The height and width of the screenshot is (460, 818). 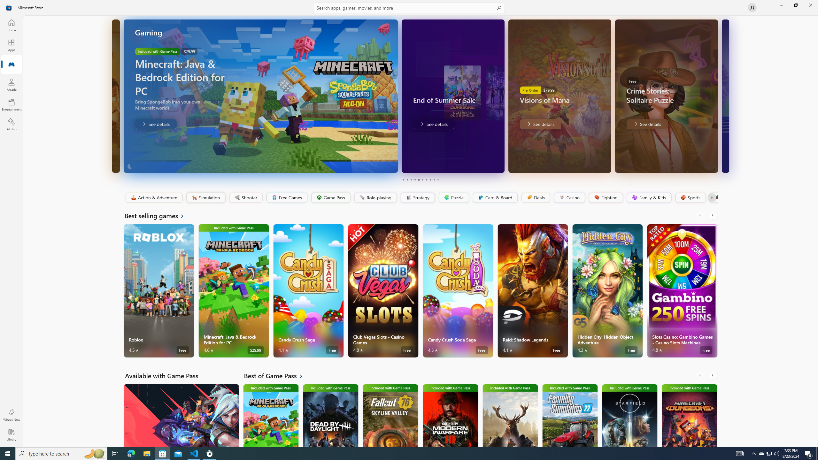 What do you see at coordinates (411, 180) in the screenshot?
I see `'Page 3'` at bounding box center [411, 180].